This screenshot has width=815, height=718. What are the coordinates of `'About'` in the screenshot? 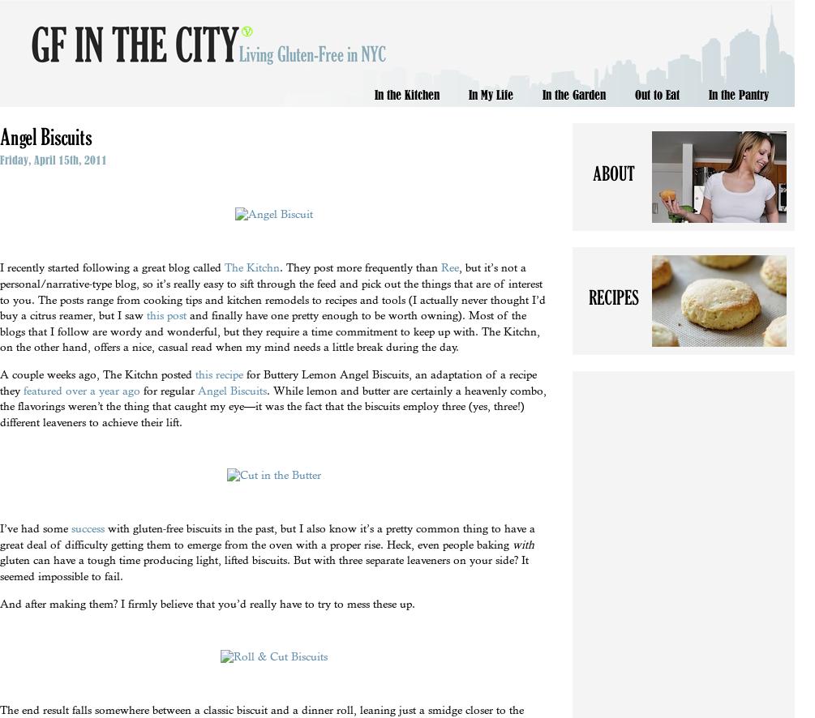 It's located at (613, 173).